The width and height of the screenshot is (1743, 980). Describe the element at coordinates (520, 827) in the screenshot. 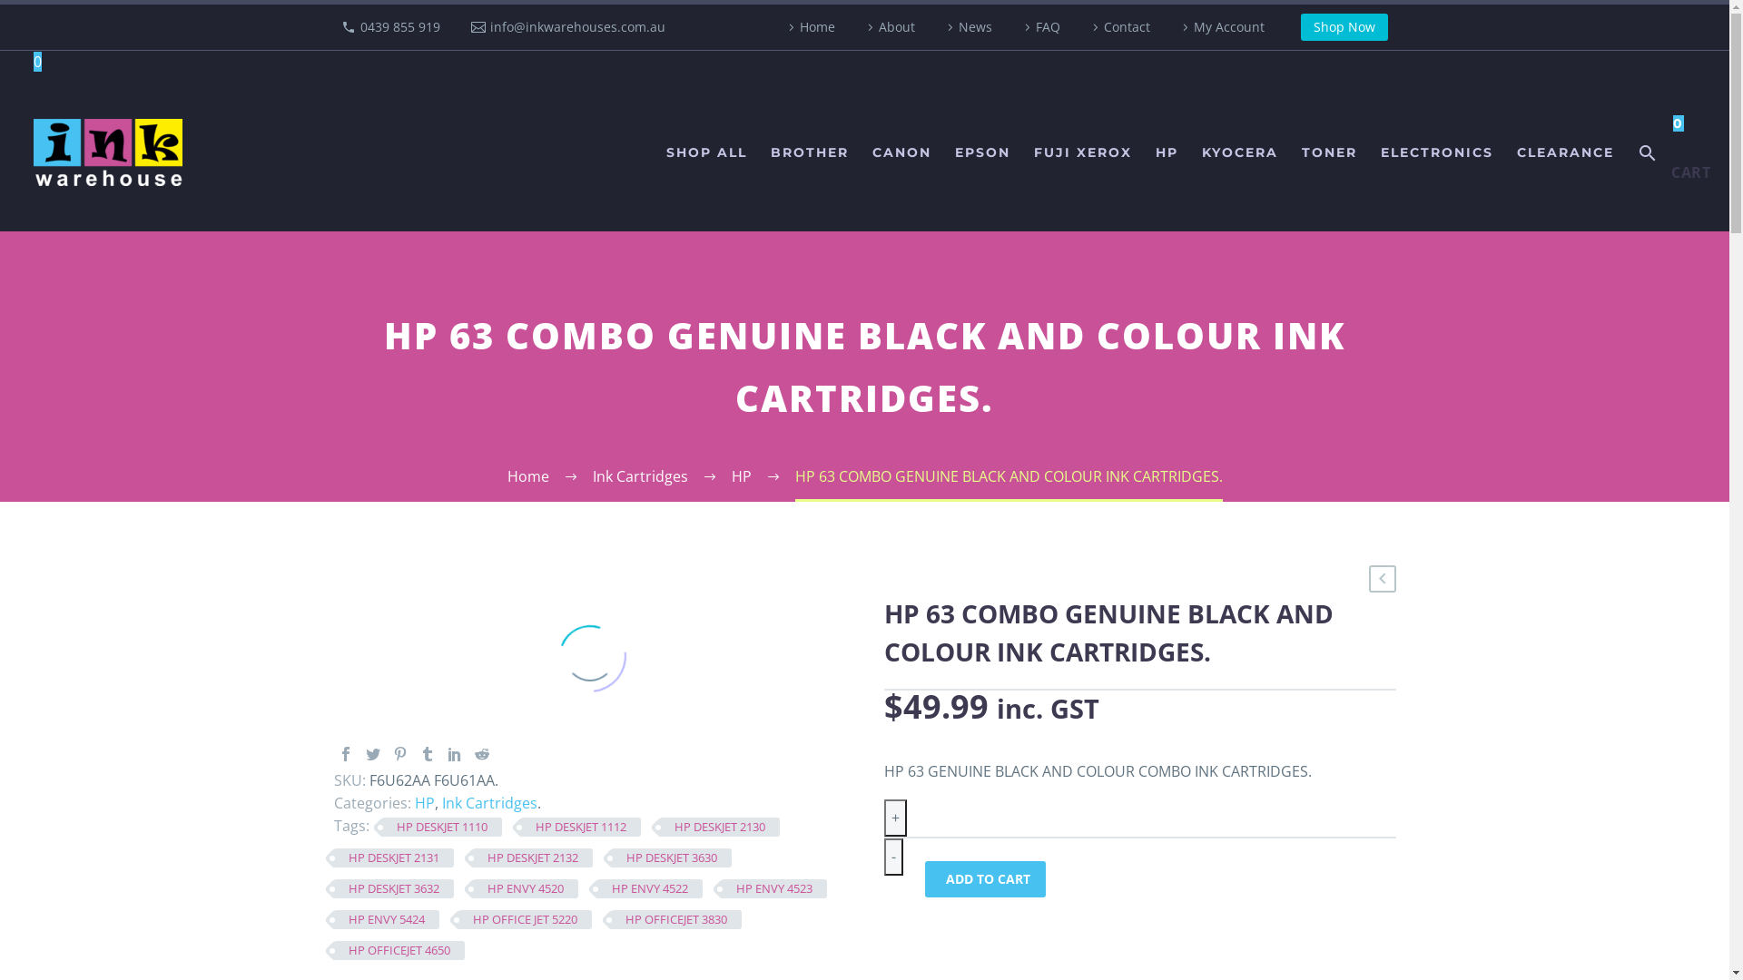

I see `'HP DESKJET 1112'` at that location.